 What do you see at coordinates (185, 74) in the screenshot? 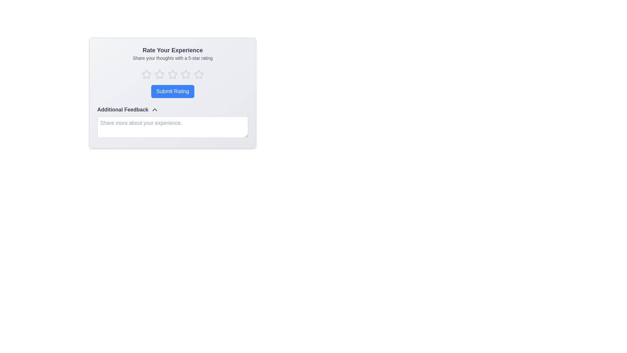
I see `the third star SVG icon in the rating interface` at bounding box center [185, 74].